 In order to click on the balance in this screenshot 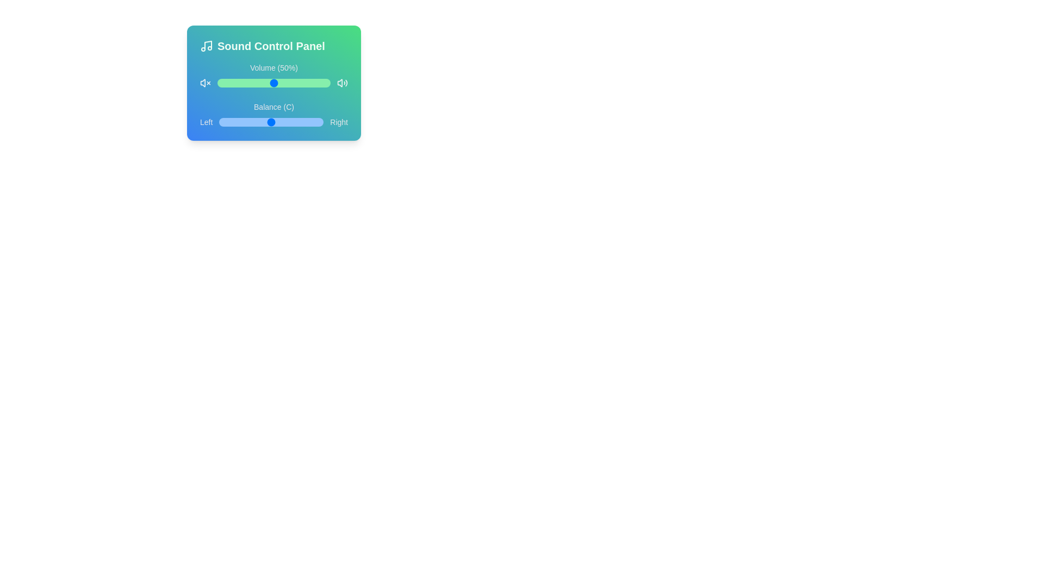, I will do `click(270, 122)`.